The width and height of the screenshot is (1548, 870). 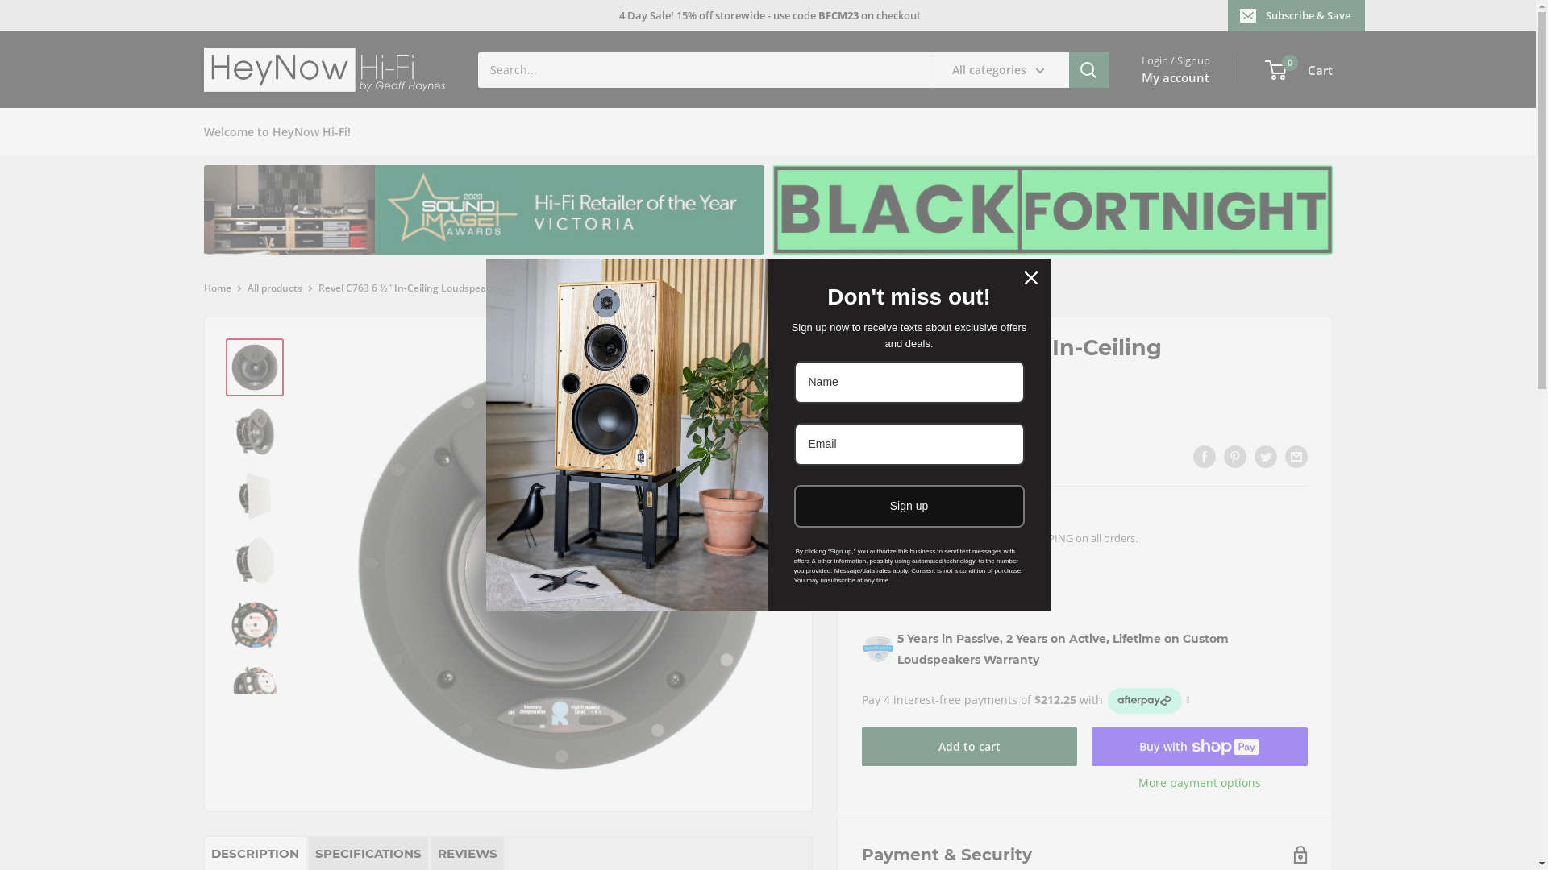 I want to click on 'All products', so click(x=274, y=287).